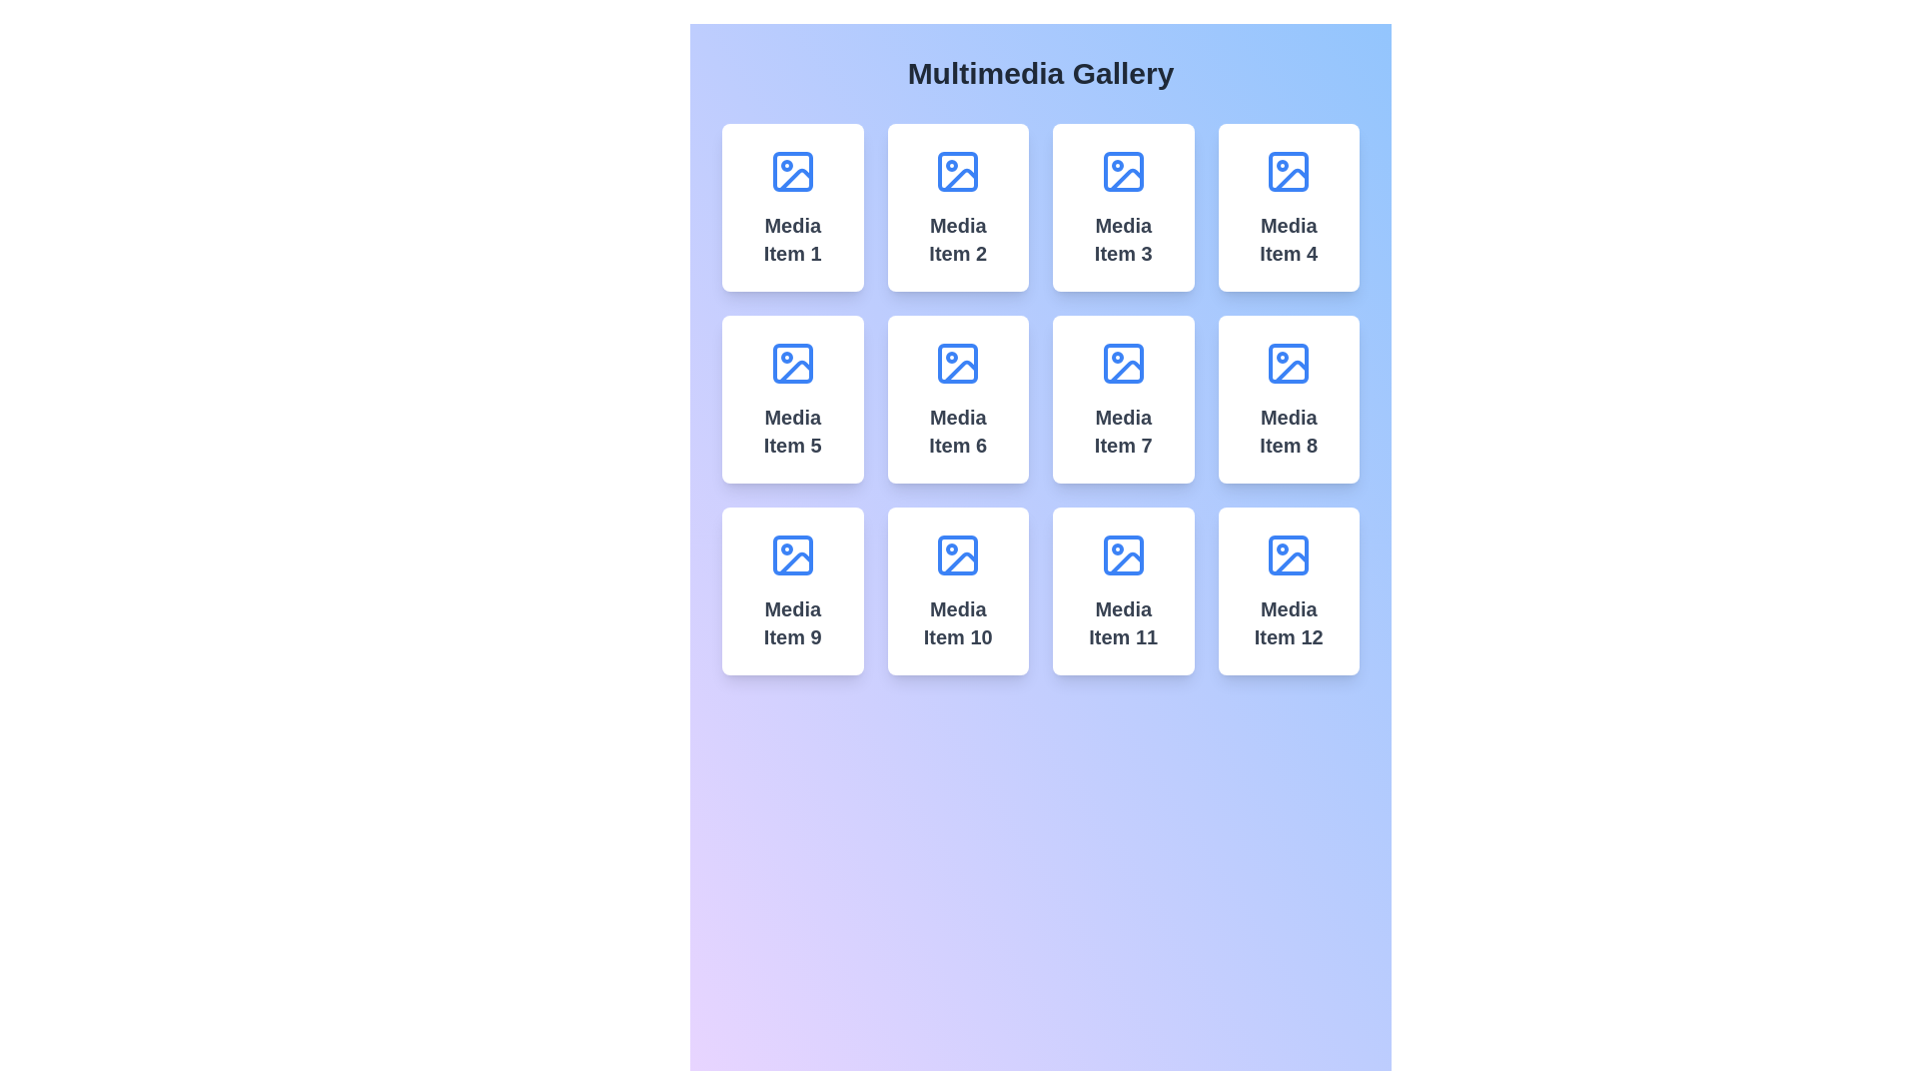 The width and height of the screenshot is (1918, 1079). I want to click on the decorative rectangle in the top-left corner of the first media card's image icon, so click(791, 171).